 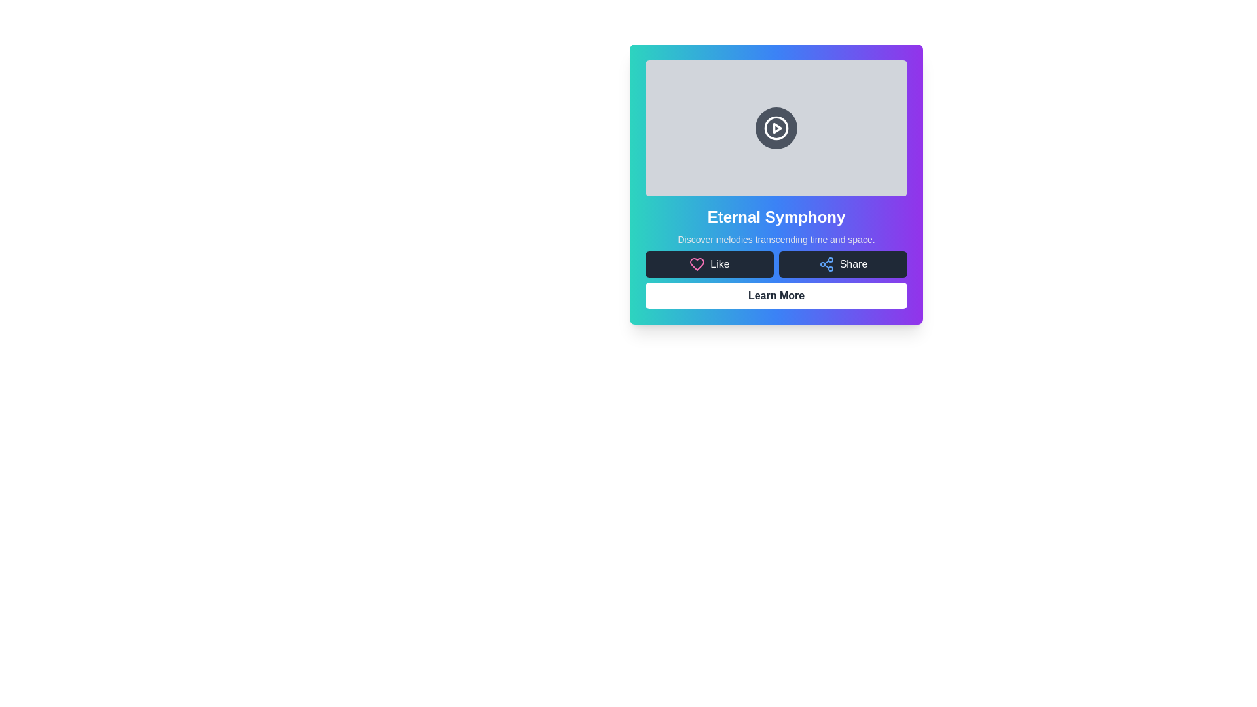 What do you see at coordinates (776, 128) in the screenshot?
I see `the interactive media area with a play button icon, which is located at the top of the card component above the title 'Eternal Symphony'` at bounding box center [776, 128].